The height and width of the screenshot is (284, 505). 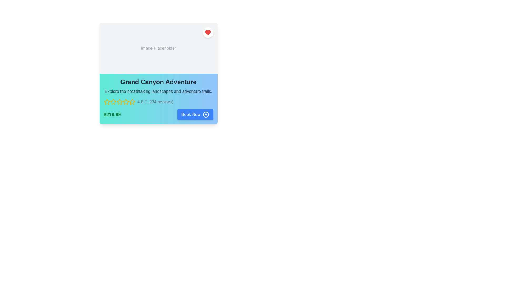 I want to click on the red heart-shaped icon in the top-right corner of the card layout to trigger a tooltip, so click(x=208, y=32).